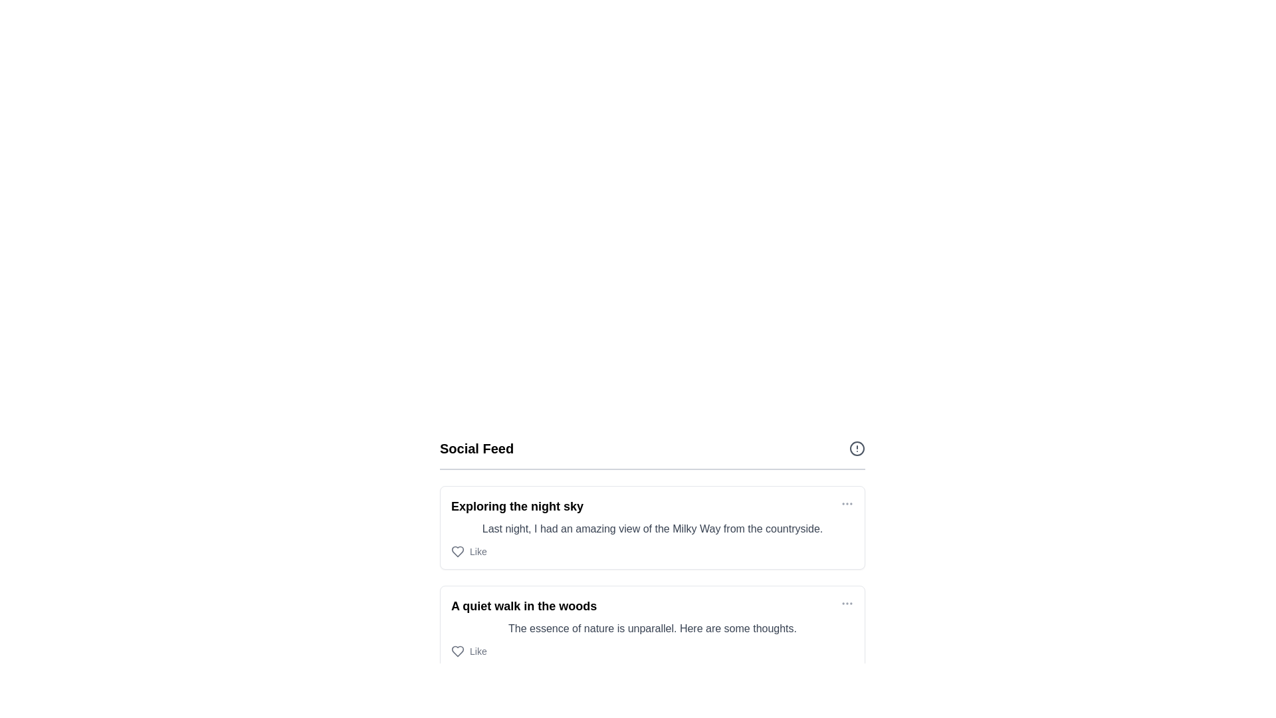 The width and height of the screenshot is (1276, 718). What do you see at coordinates (516, 507) in the screenshot?
I see `the heading text element displaying 'Exploring the night sky', which is bold and large-sized, located near the top of the content block` at bounding box center [516, 507].